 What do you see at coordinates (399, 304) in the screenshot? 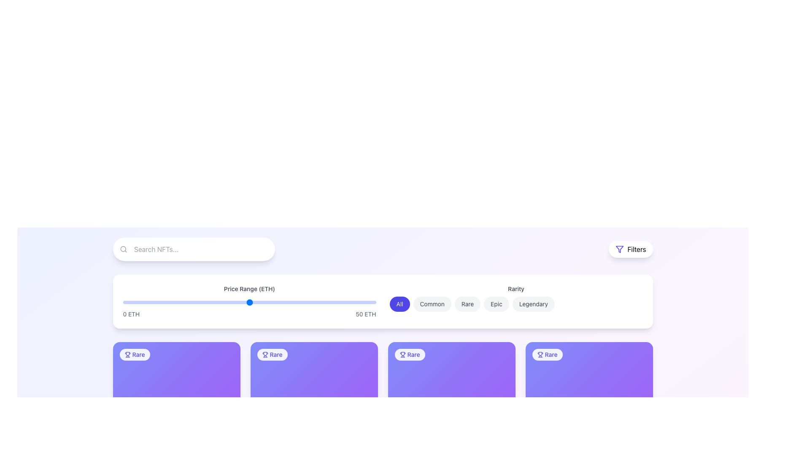
I see `the 'All' button, which is the first button in a row of buttons used to filter or select all items. This button is located near the top center of the interface` at bounding box center [399, 304].